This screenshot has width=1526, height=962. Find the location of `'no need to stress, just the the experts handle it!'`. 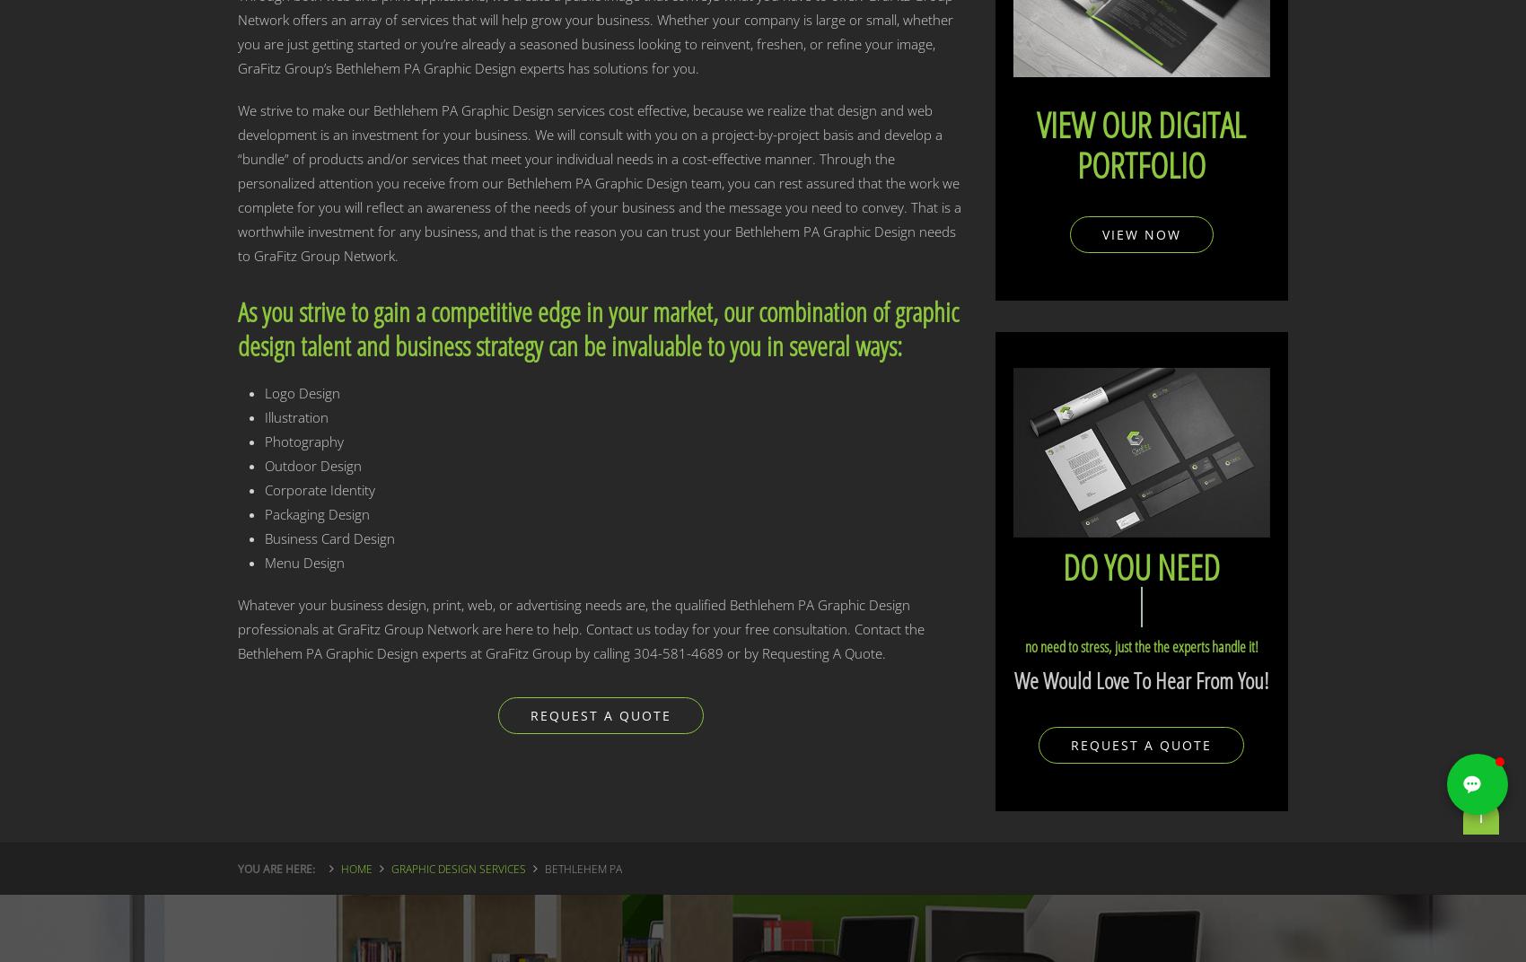

'no need to stress, just the the experts handle it!' is located at coordinates (1139, 645).